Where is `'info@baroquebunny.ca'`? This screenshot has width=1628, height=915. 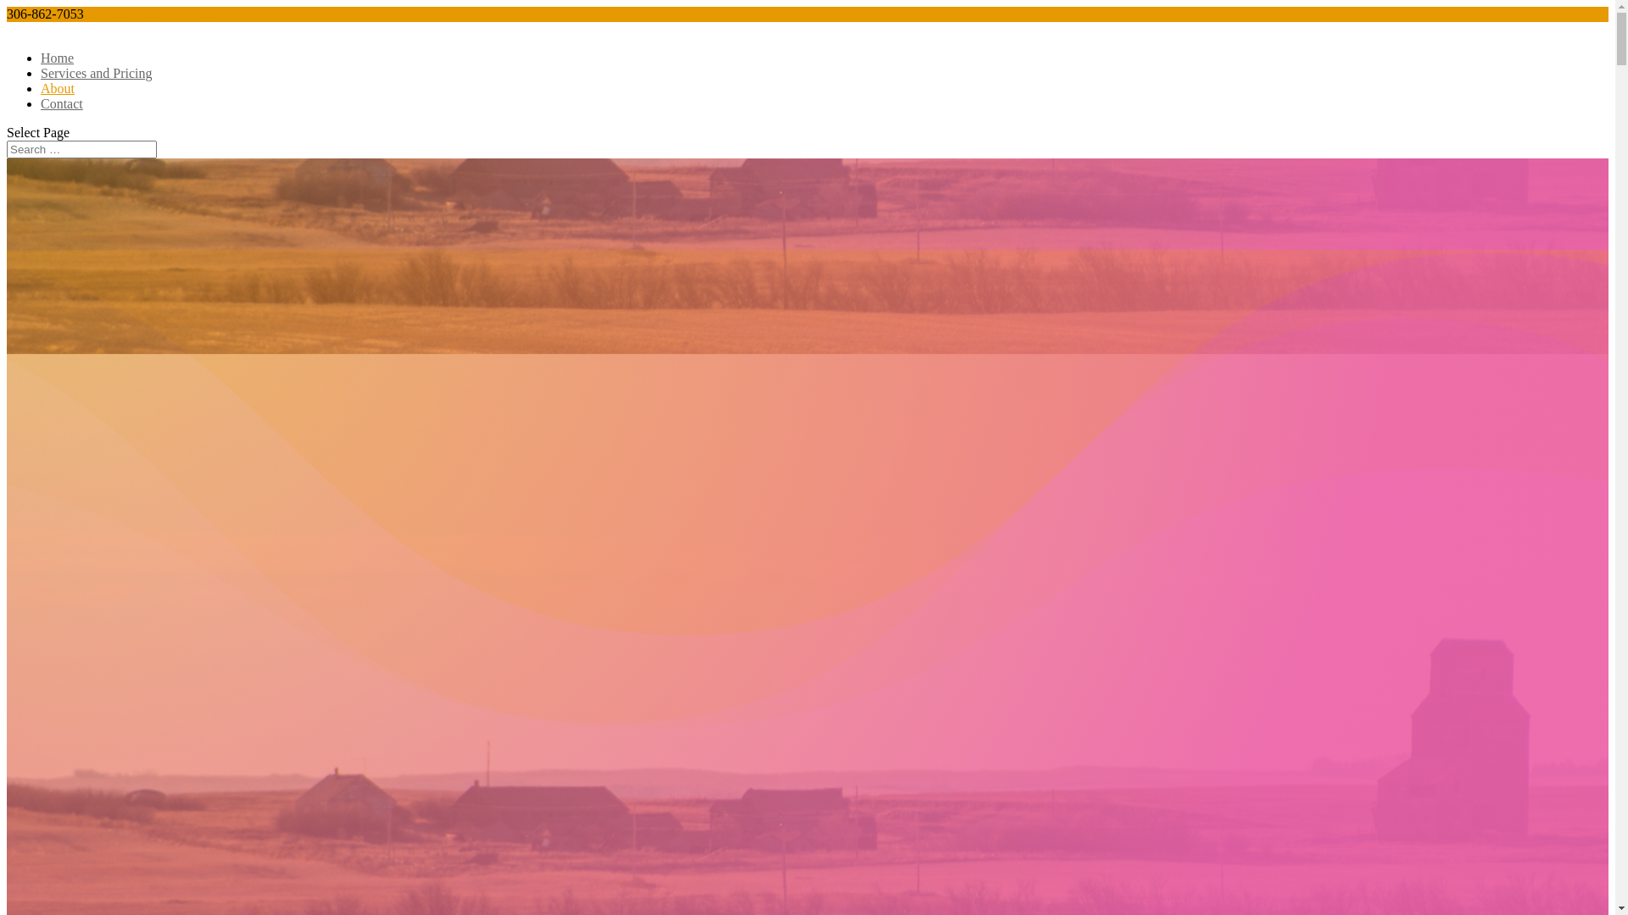 'info@baroquebunny.ca' is located at coordinates (150, 14).